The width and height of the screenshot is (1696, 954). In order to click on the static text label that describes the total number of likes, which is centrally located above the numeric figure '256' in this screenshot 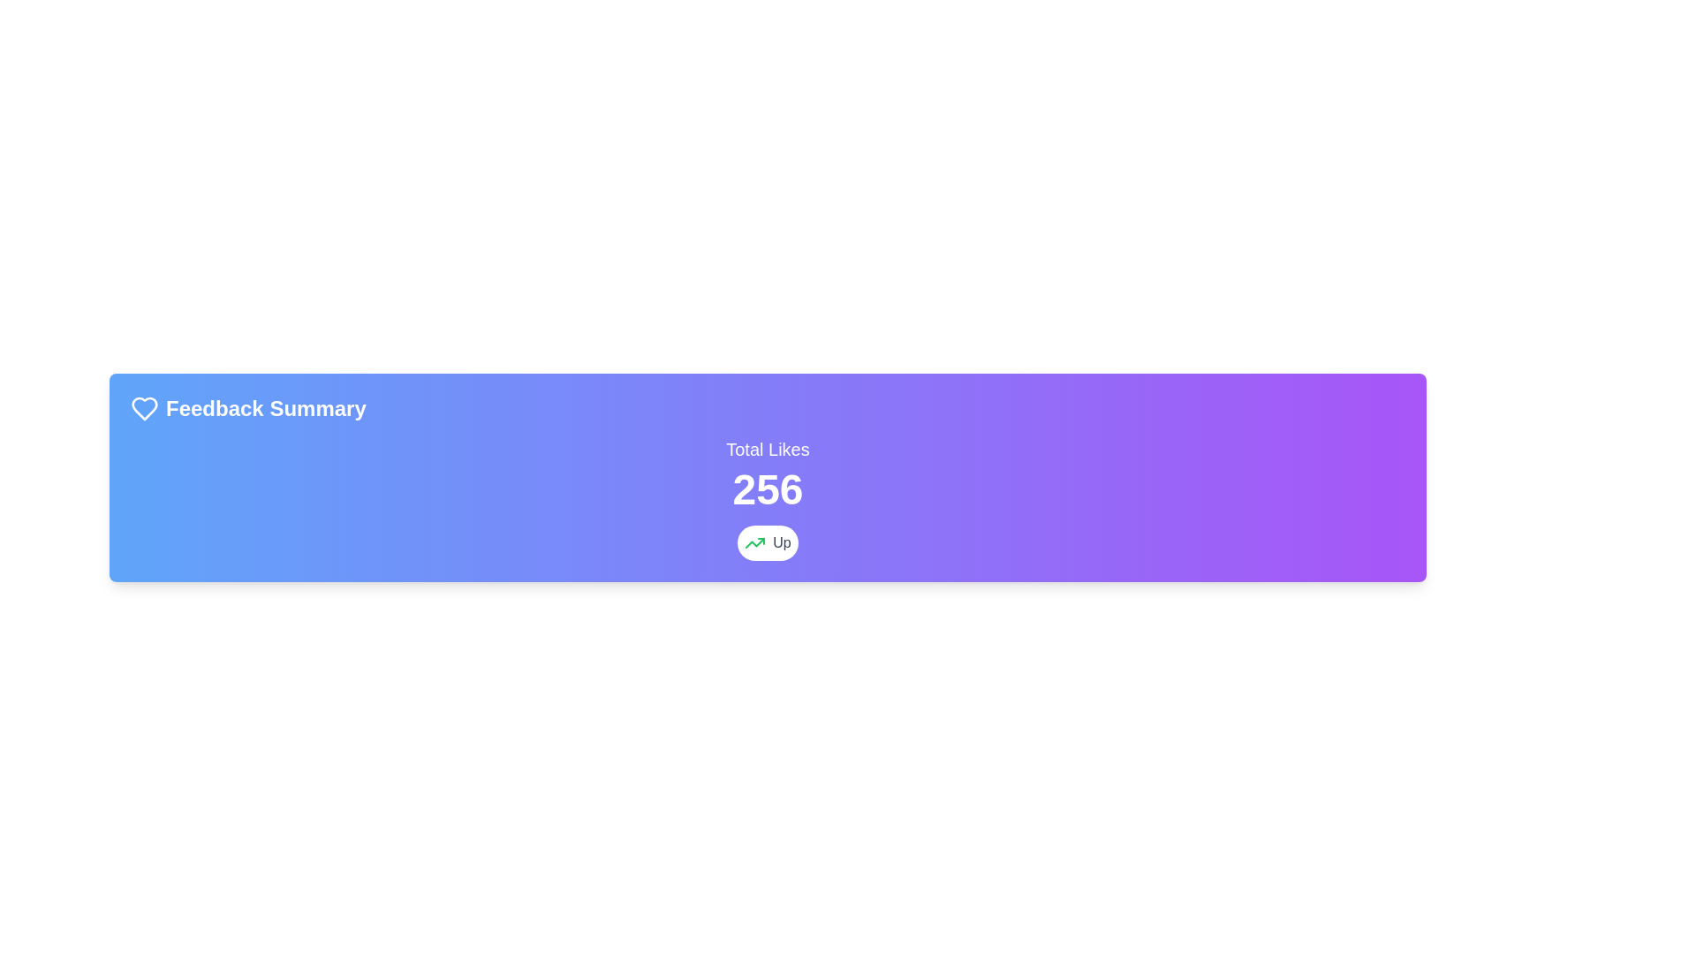, I will do `click(768, 449)`.